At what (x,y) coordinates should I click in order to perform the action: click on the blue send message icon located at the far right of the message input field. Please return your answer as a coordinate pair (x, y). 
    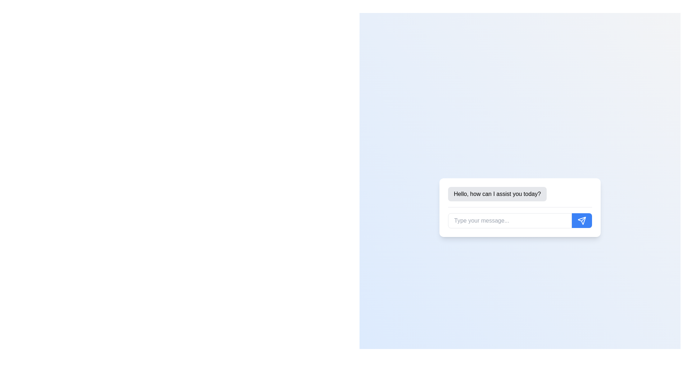
    Looking at the image, I should click on (582, 220).